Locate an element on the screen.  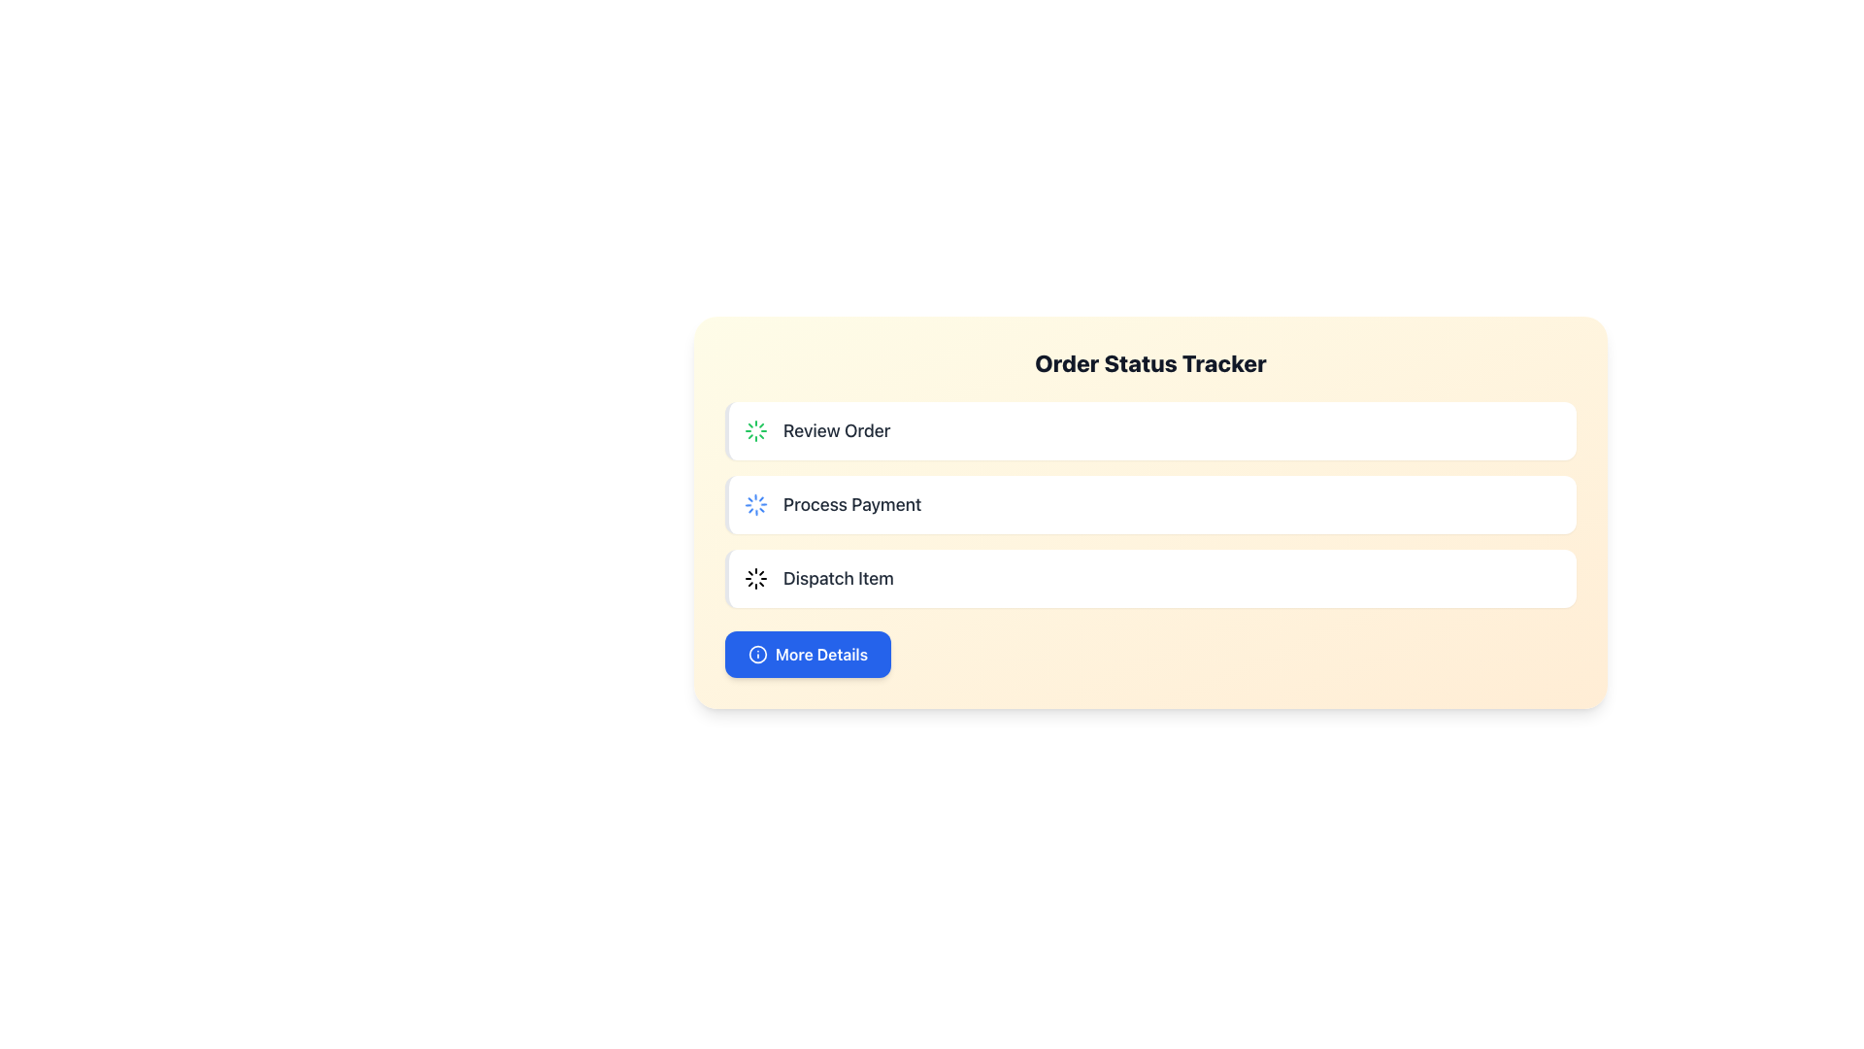
the bold header text labeled 'Order Status Tracker' which is prominently positioned at the top center of its section with a gradient yellow-to-orange background is located at coordinates (1150, 363).